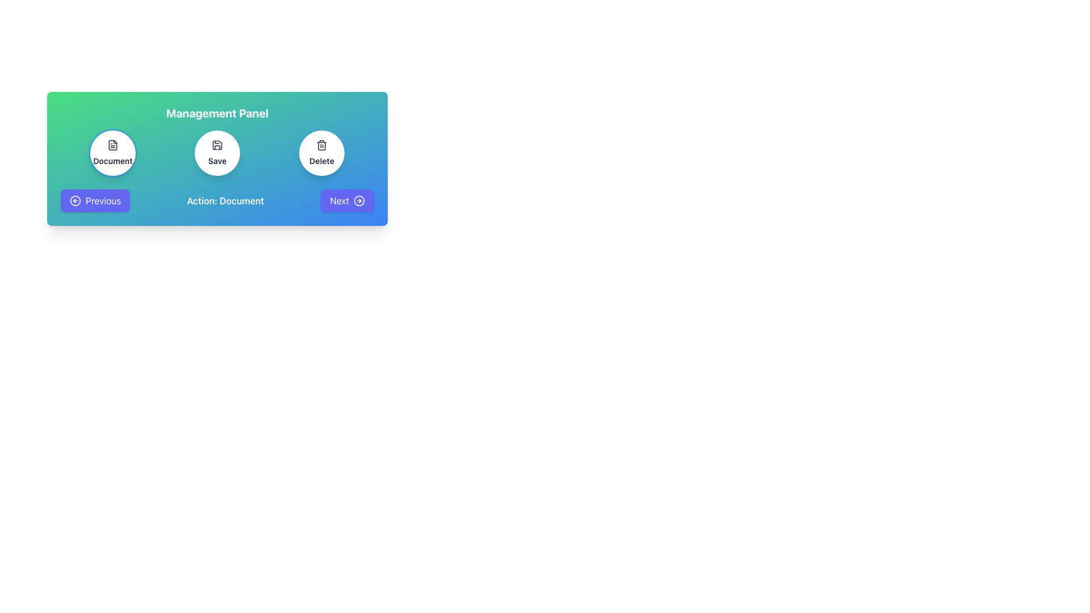 The height and width of the screenshot is (613, 1090). Describe the element at coordinates (112, 153) in the screenshot. I see `the circular button labeled 'Document' which has a white background and a document icon at the top` at that location.